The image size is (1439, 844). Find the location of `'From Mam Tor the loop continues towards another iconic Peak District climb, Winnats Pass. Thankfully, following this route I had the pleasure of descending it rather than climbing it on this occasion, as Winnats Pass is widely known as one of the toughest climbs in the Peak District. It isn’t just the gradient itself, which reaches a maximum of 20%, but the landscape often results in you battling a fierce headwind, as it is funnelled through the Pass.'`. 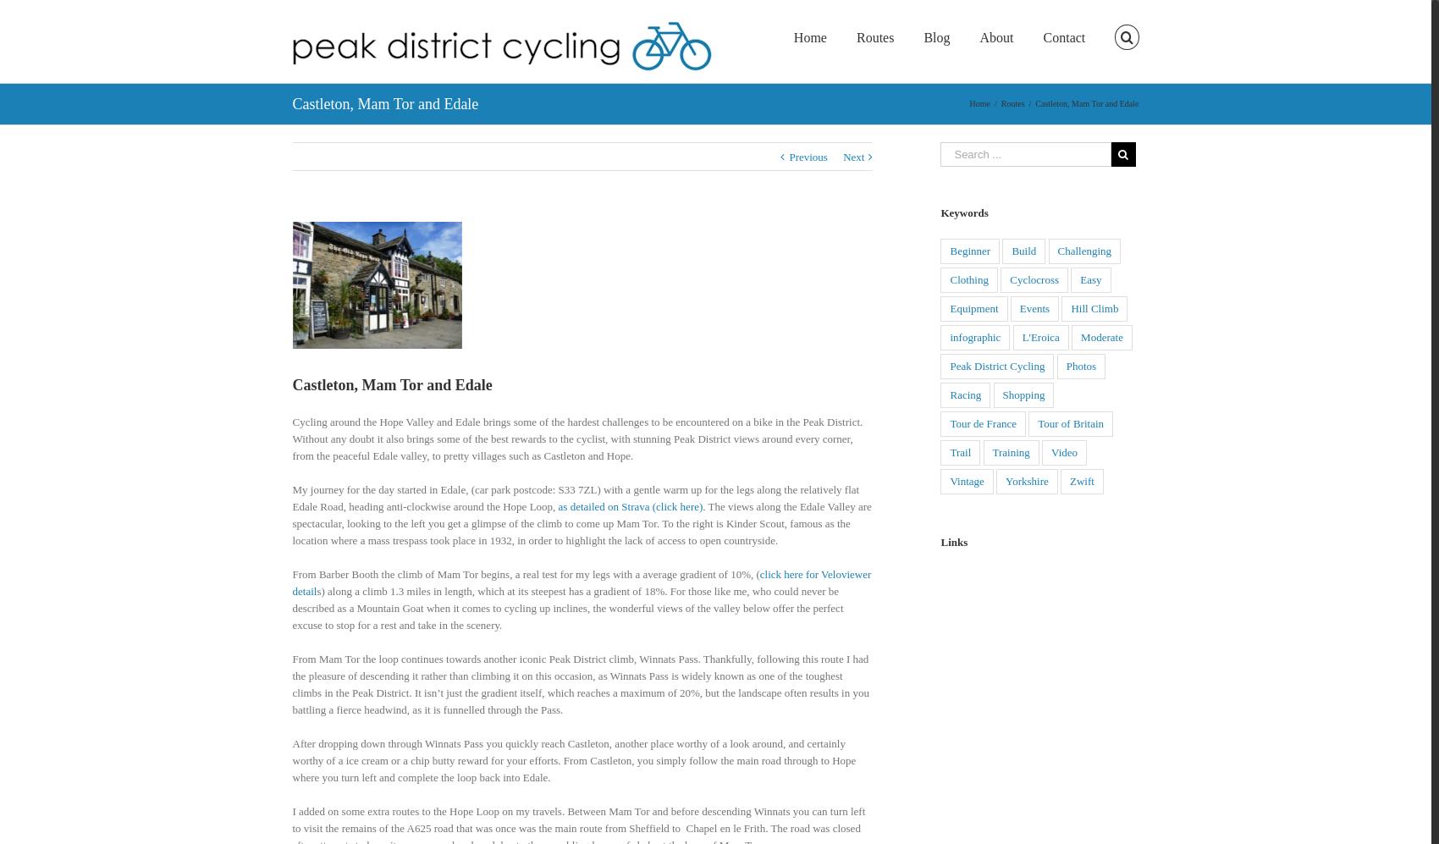

'From Mam Tor the loop continues towards another iconic Peak District climb, Winnats Pass. Thankfully, following this route I had the pleasure of descending it rather than climbing it on this occasion, as Winnats Pass is widely known as one of the toughest climbs in the Peak District. It isn’t just the gradient itself, which reaches a maximum of 20%, but the landscape often results in you battling a fierce headwind, as it is funnelled through the Pass.' is located at coordinates (290, 682).